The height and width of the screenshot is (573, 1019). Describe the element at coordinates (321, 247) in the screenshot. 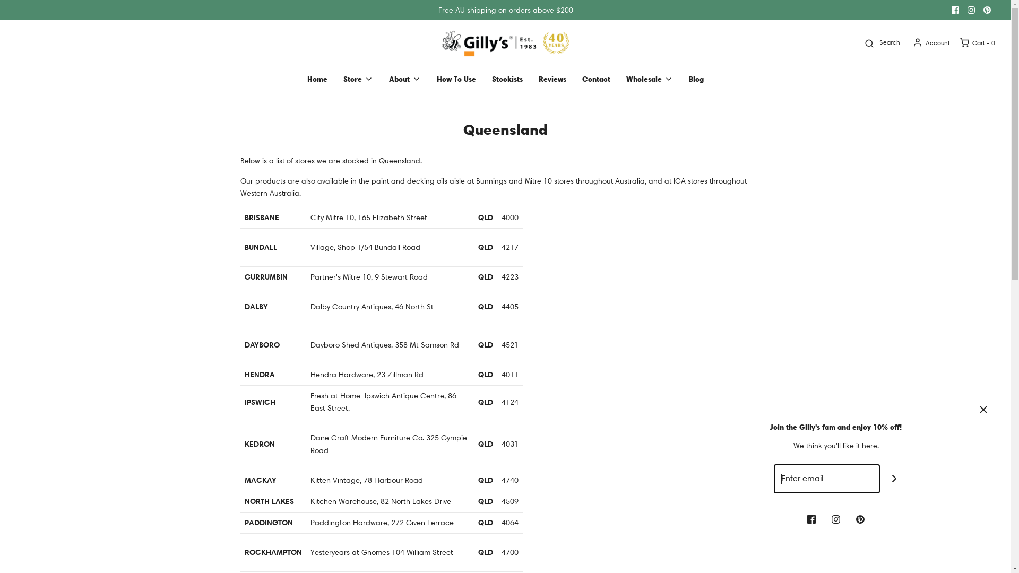

I see `'Village'` at that location.